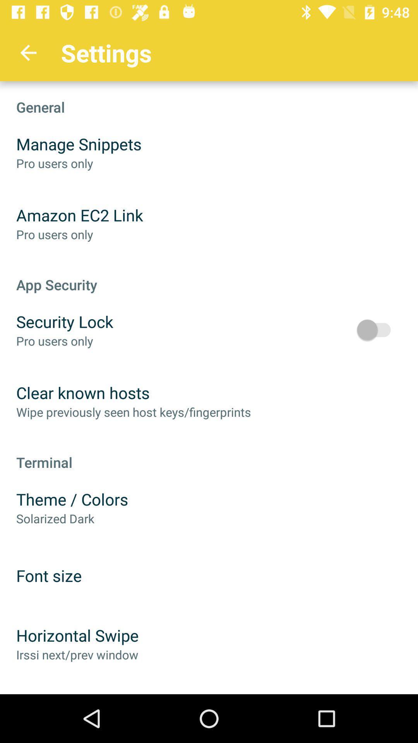 The image size is (418, 743). Describe the element at coordinates (79, 215) in the screenshot. I see `amazon ec2 link item` at that location.